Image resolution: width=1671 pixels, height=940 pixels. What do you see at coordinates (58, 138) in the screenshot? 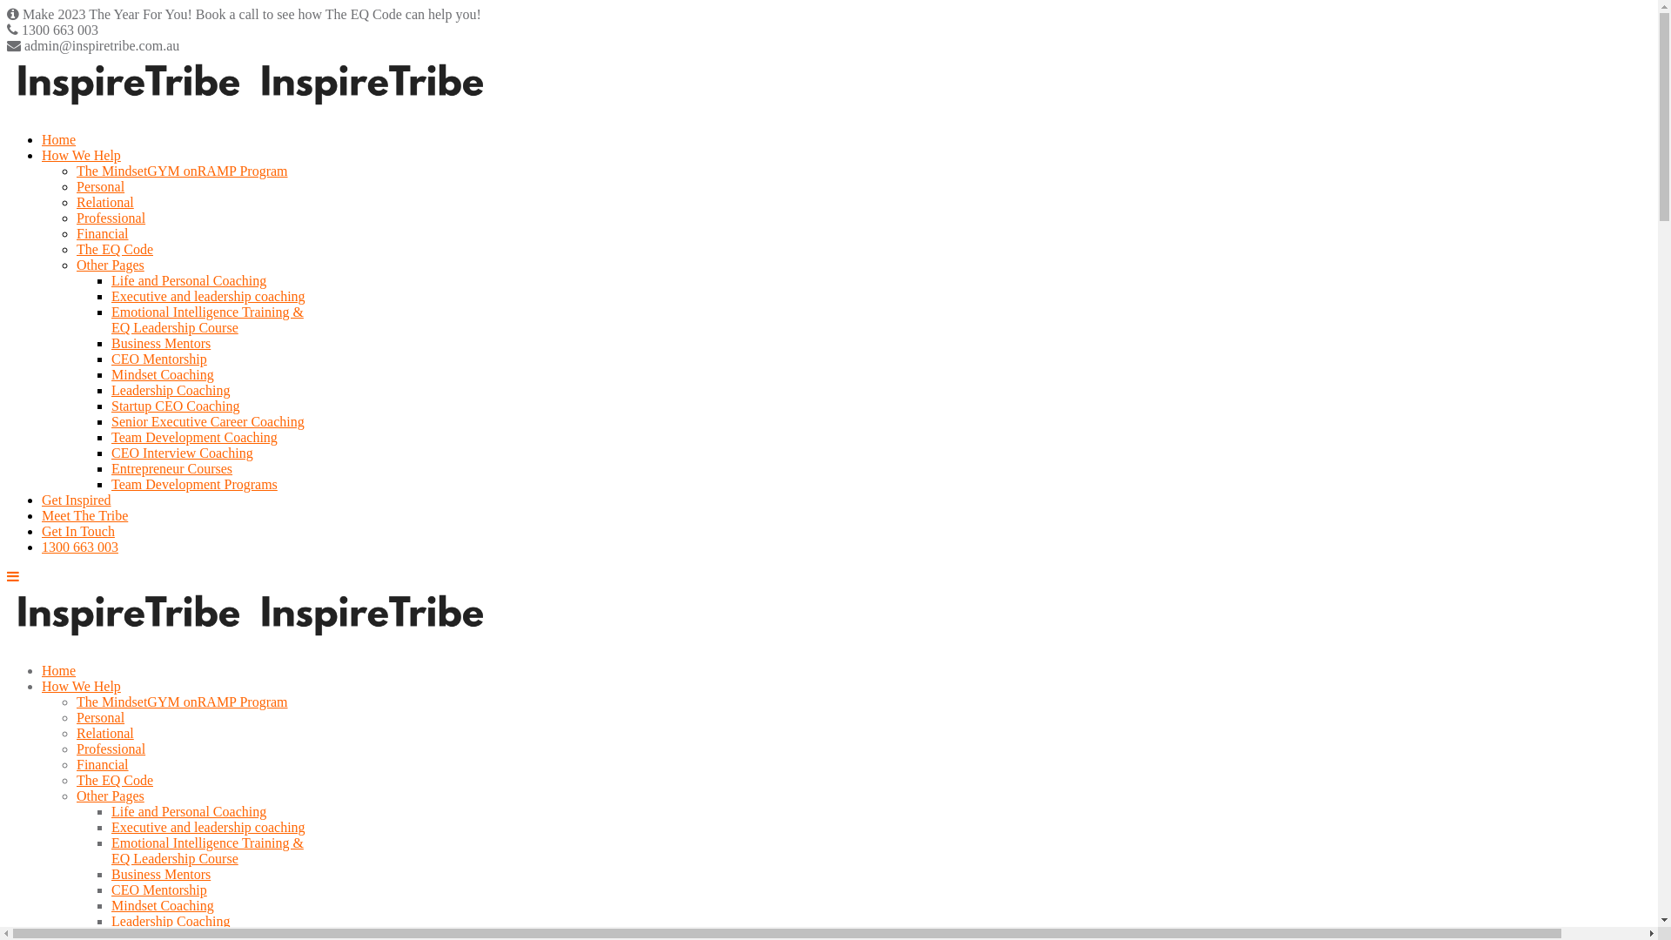
I see `'Home'` at bounding box center [58, 138].